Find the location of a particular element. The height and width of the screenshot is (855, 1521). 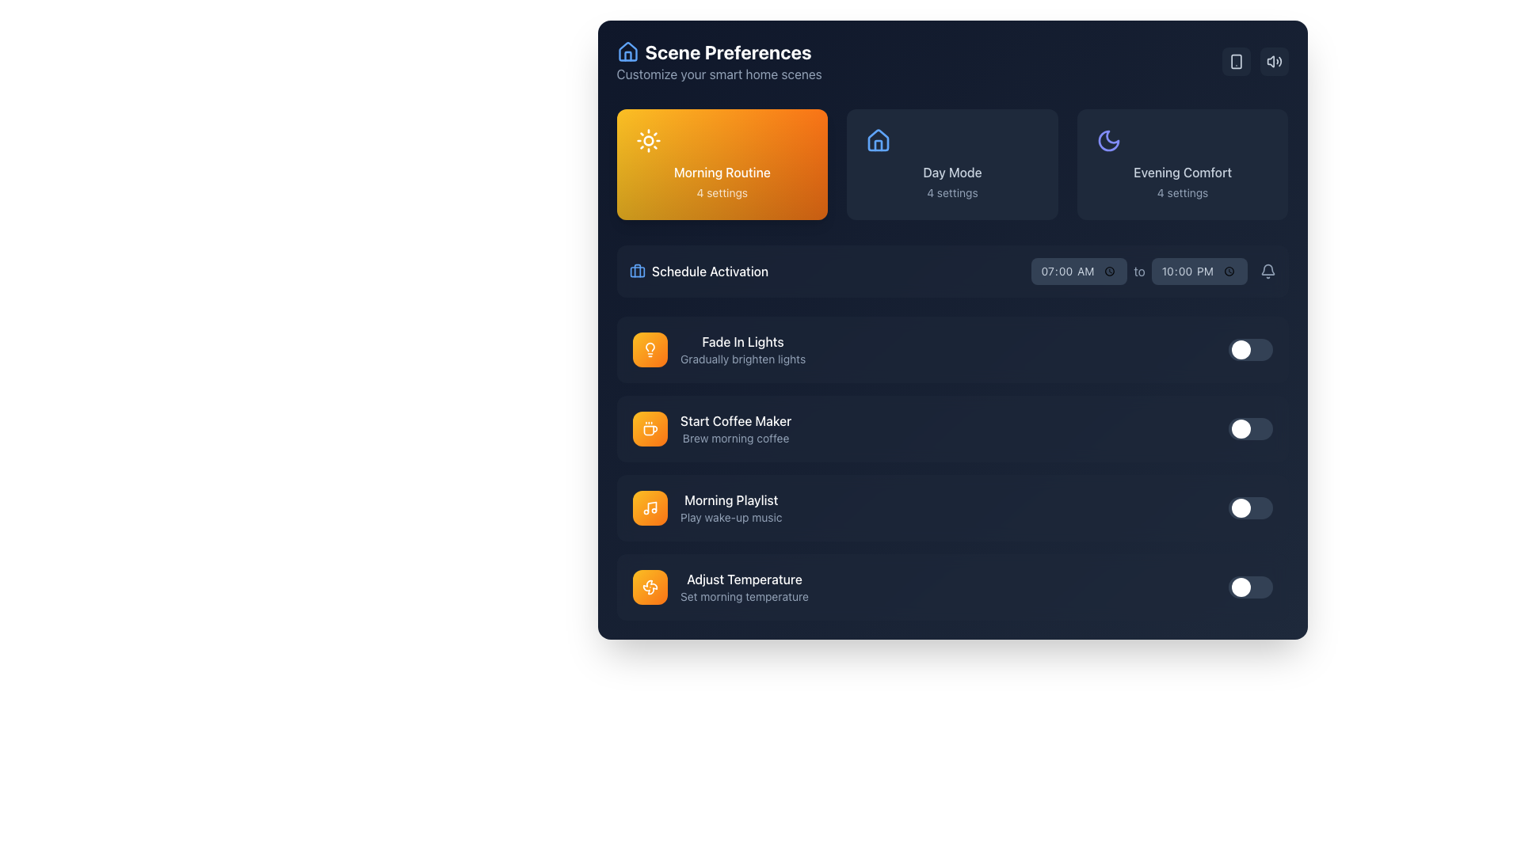

the 'Adjust Temperature' icon, which is positioned as the last item in the 'Schedule Activation' section, serving as a visual identifier for temperature adjustment settings is located at coordinates (650, 587).